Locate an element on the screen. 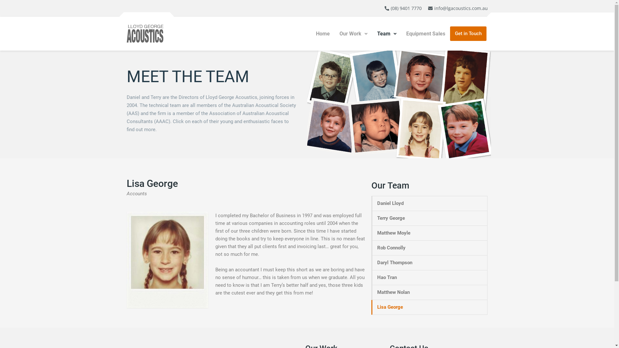 This screenshot has width=619, height=348. '(08) 9401 7770' is located at coordinates (402, 8).